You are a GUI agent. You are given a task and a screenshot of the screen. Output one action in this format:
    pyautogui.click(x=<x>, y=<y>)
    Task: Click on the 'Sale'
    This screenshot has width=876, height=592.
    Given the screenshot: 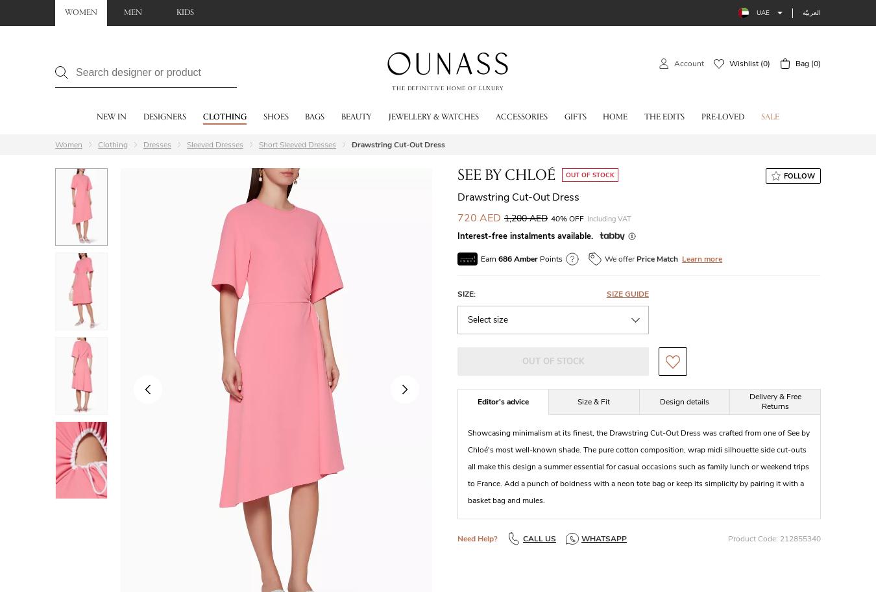 What is the action you would take?
    pyautogui.click(x=768, y=117)
    